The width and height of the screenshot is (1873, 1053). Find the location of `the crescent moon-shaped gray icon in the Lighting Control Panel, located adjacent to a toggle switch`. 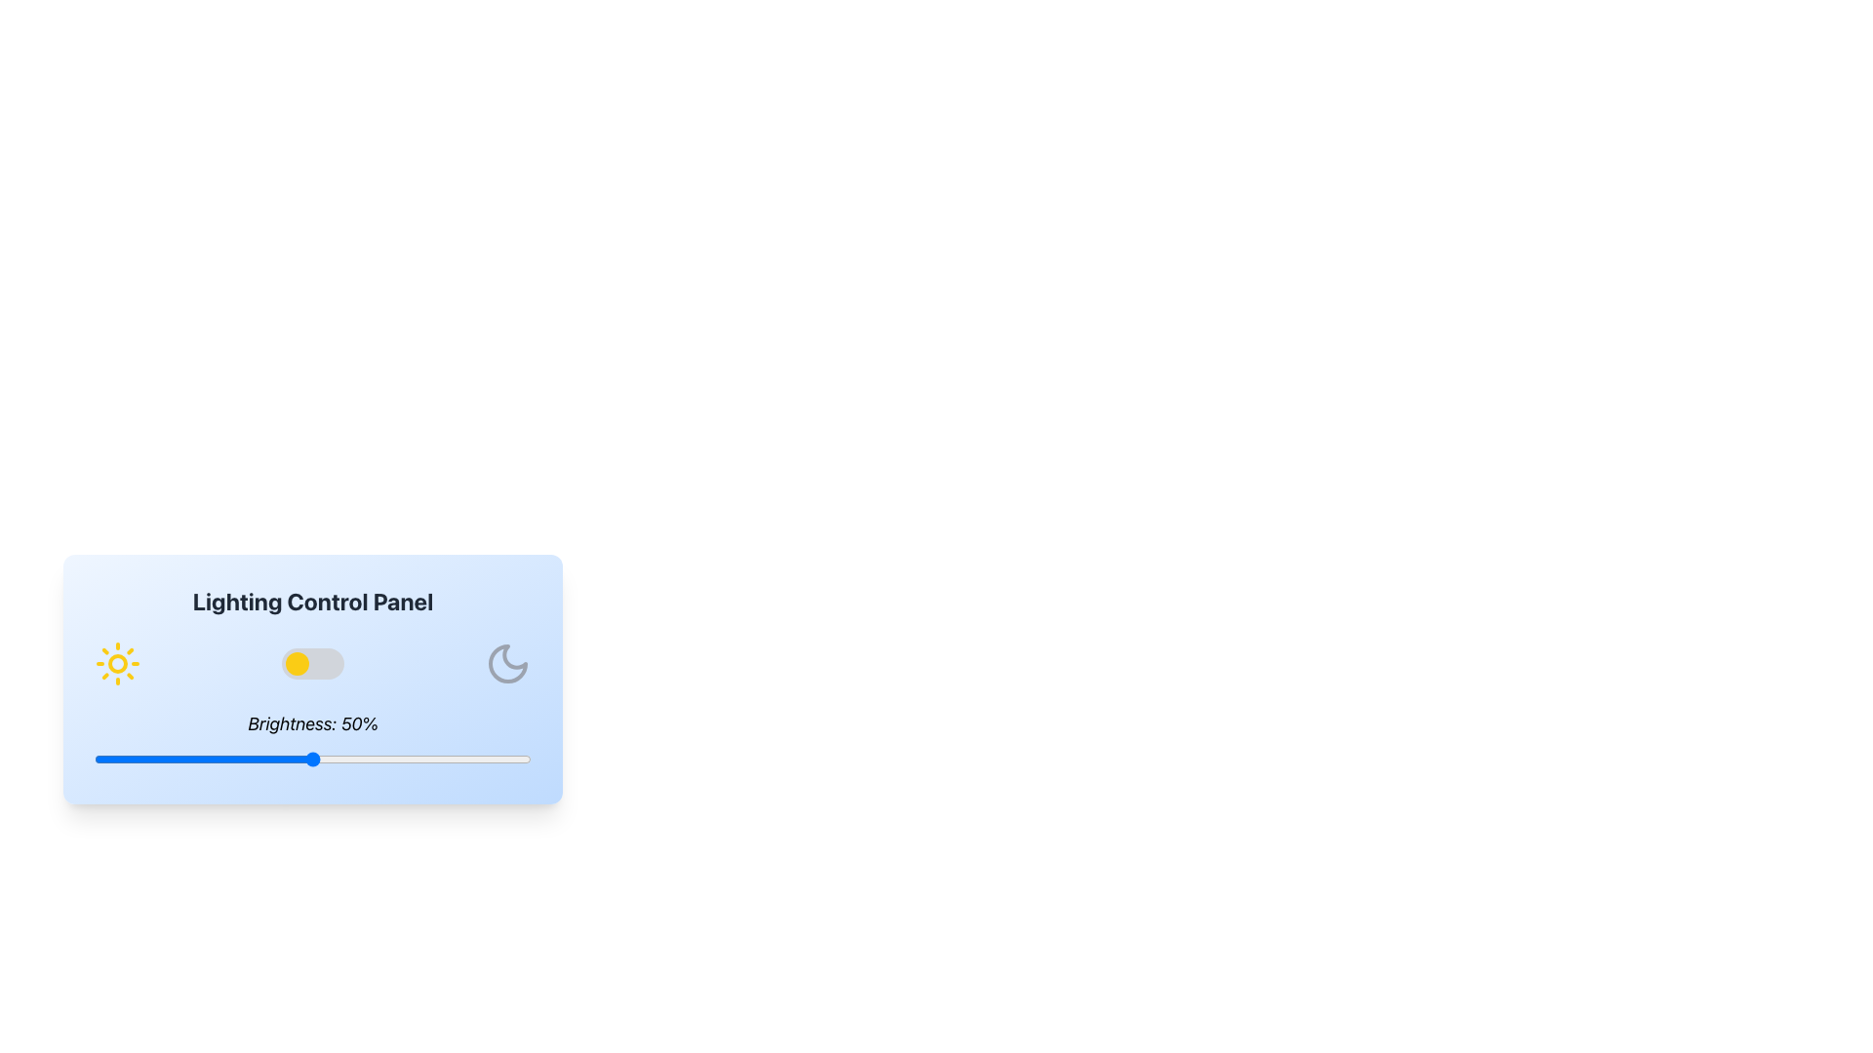

the crescent moon-shaped gray icon in the Lighting Control Panel, located adjacent to a toggle switch is located at coordinates (508, 663).